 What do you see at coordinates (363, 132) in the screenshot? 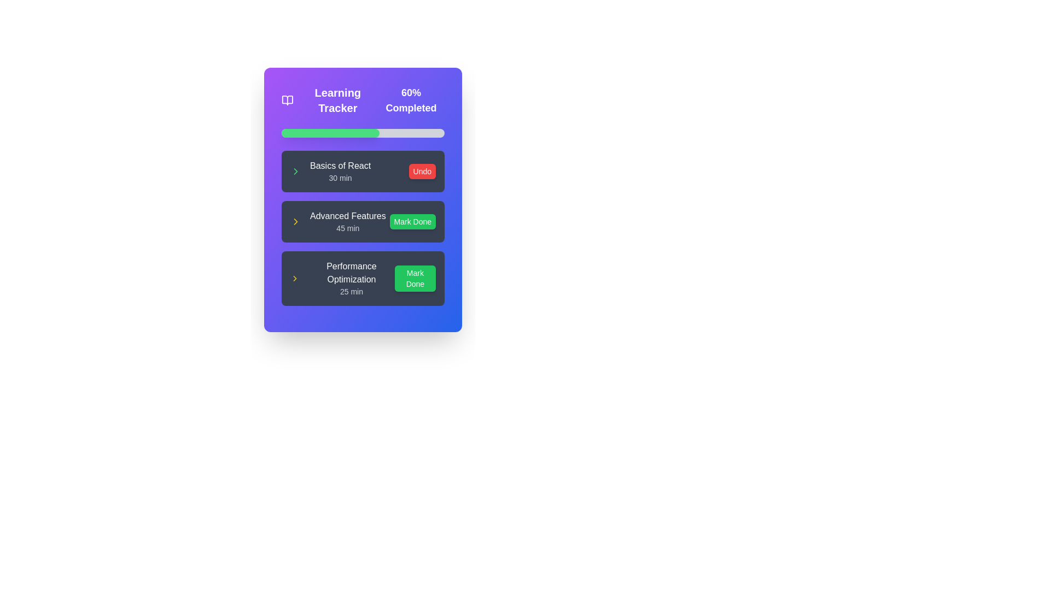
I see `the progress bar indicating 60% completion in the Learning Tracker section` at bounding box center [363, 132].